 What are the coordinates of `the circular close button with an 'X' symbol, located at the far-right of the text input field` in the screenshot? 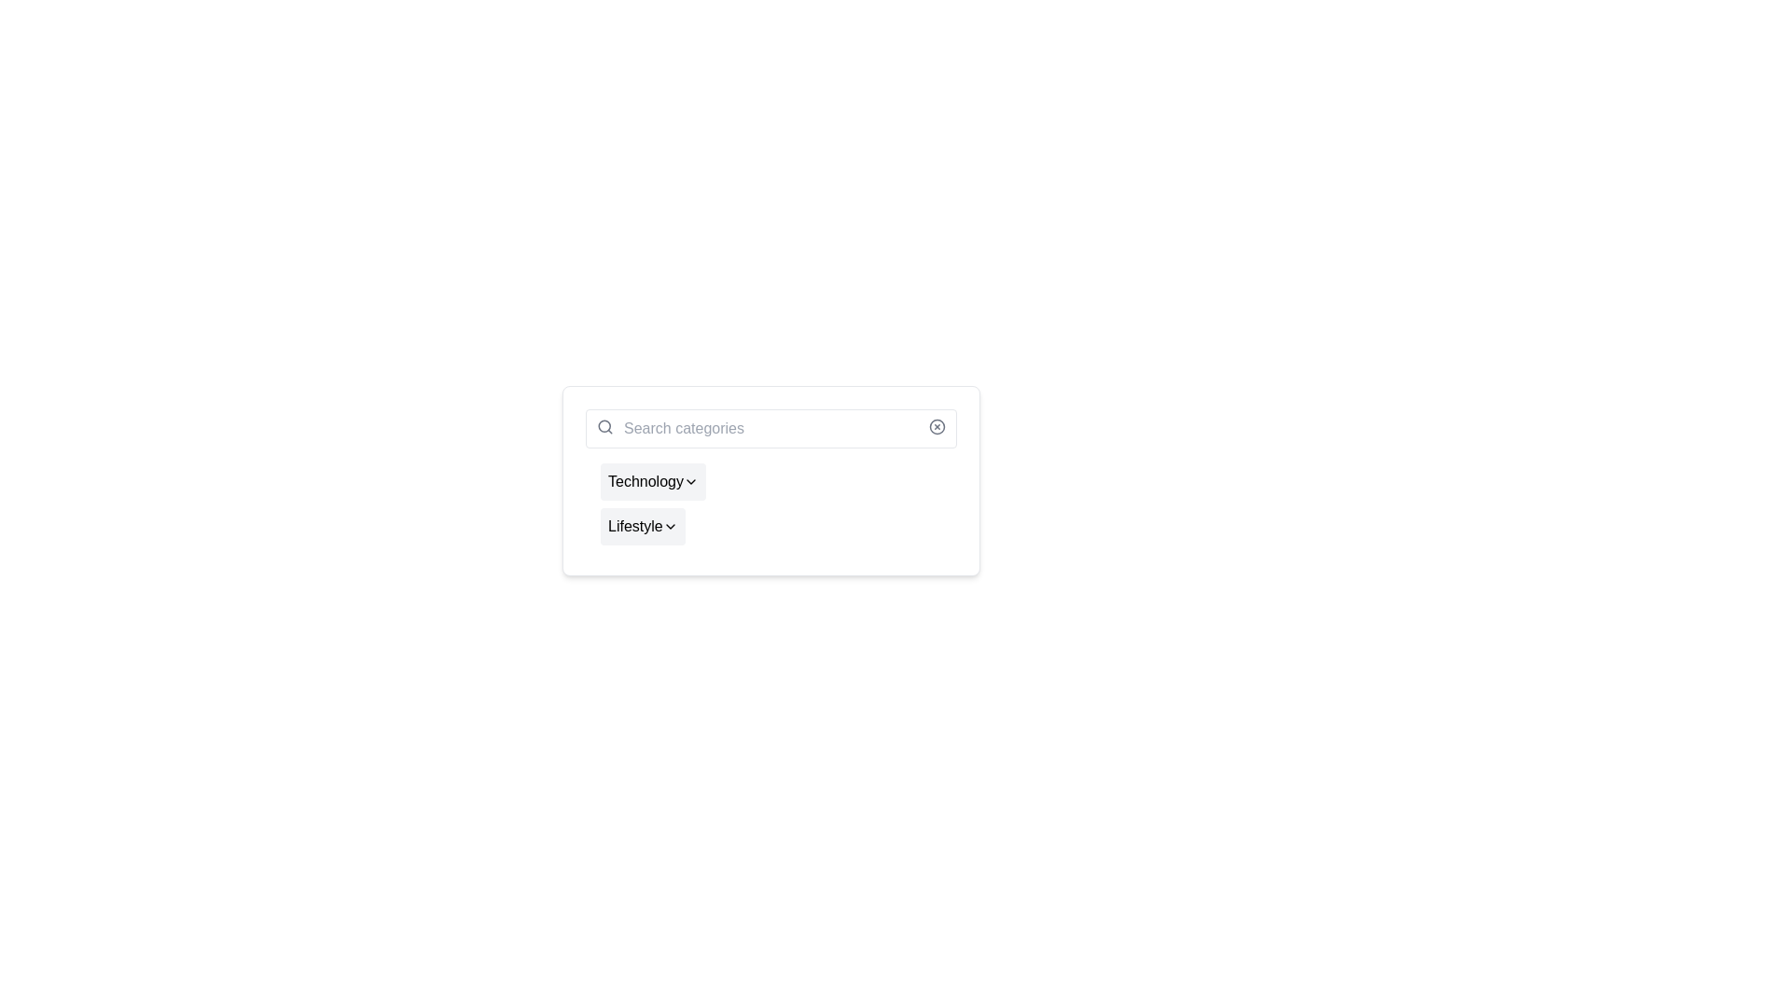 It's located at (937, 427).